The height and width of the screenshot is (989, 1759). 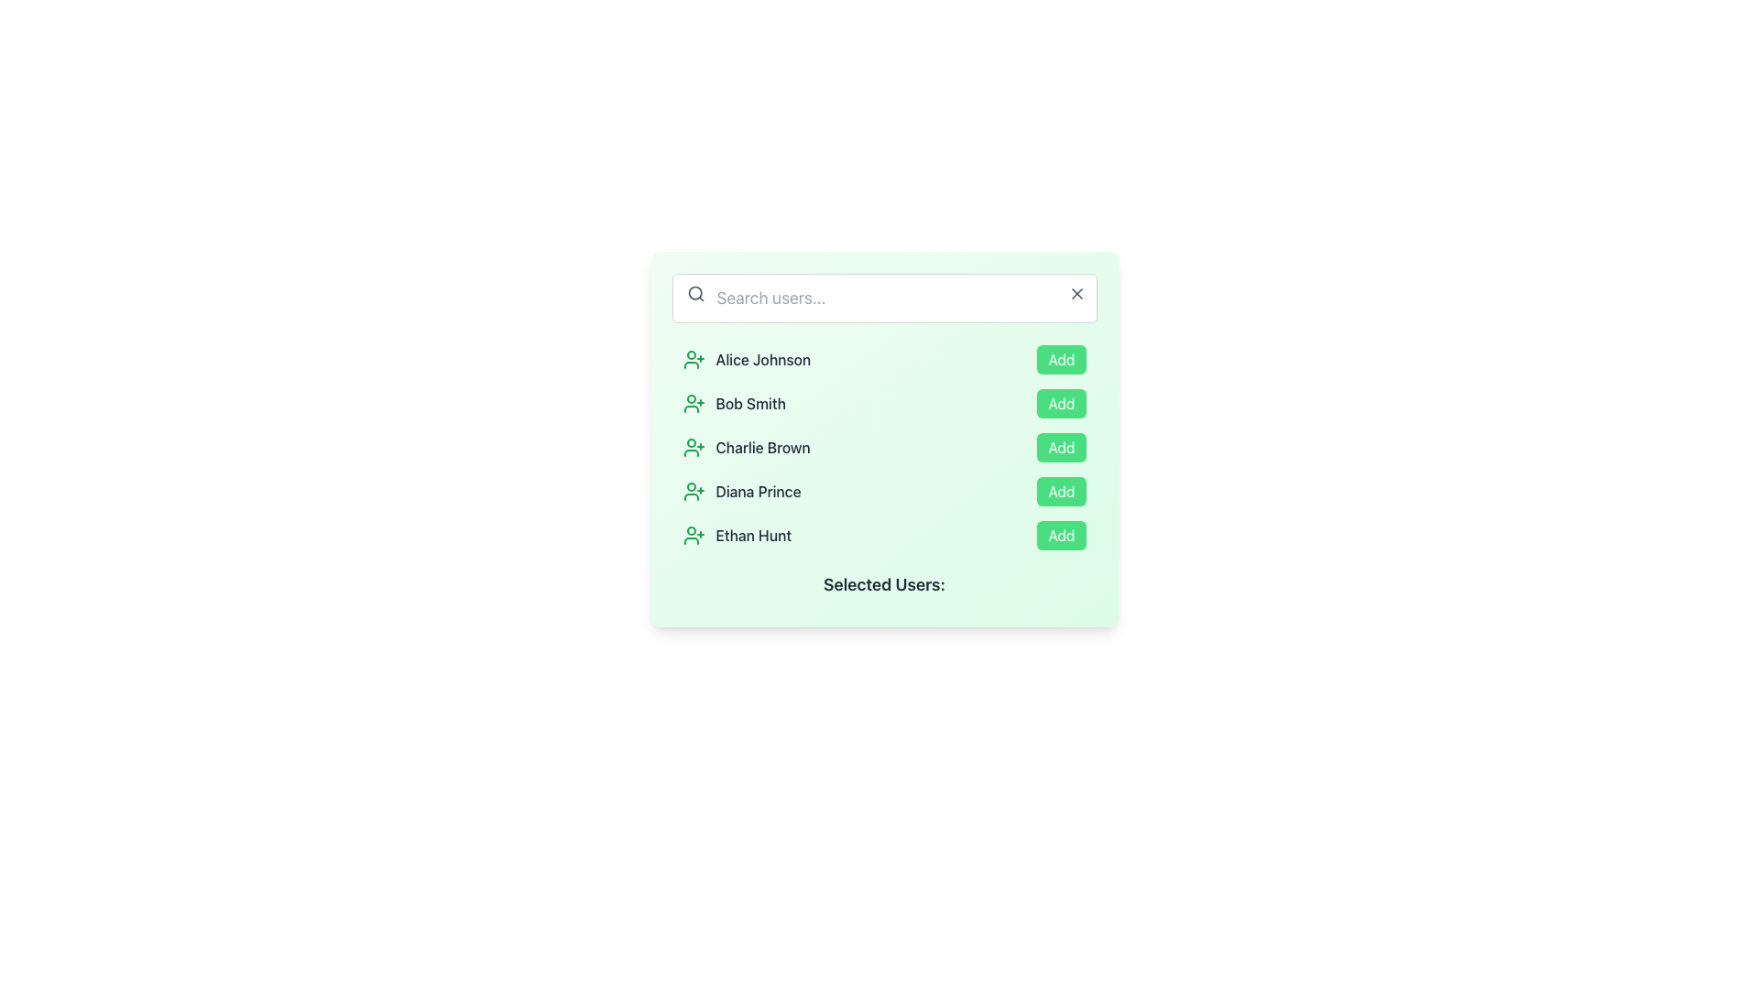 What do you see at coordinates (693, 402) in the screenshot?
I see `the Icon (User Plus) which is a green user outline with a plus symbol, located in the second row under 'Search users...' before the text 'Bob Smith'` at bounding box center [693, 402].